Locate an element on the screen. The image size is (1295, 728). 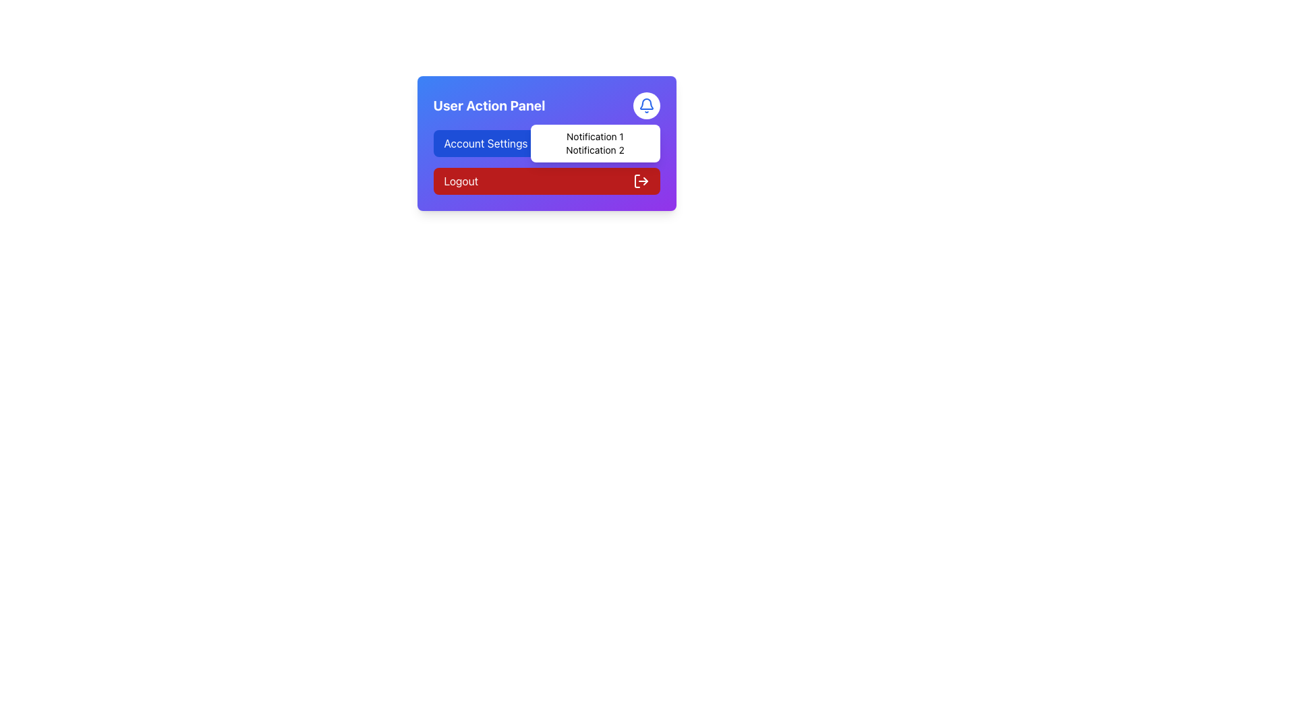
the logout arrow icon located on the right edge of the logout button within the user action panel component is located at coordinates (644, 181).